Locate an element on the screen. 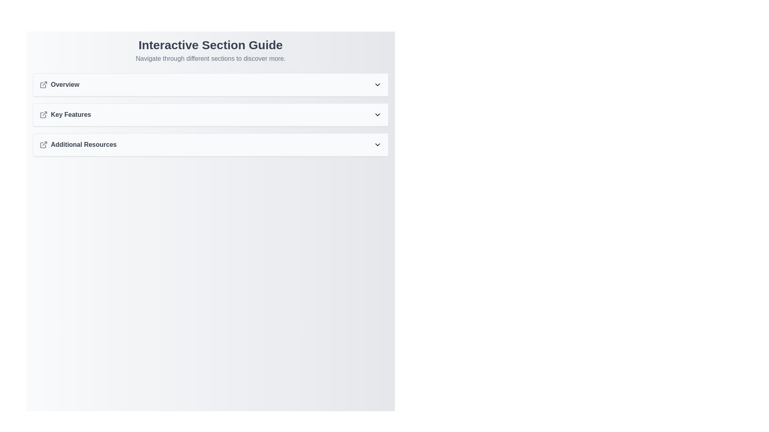  text label that serves as a descriptive title for the first navigation item in the vertical list, positioned to the right of the external link icon is located at coordinates (65, 85).